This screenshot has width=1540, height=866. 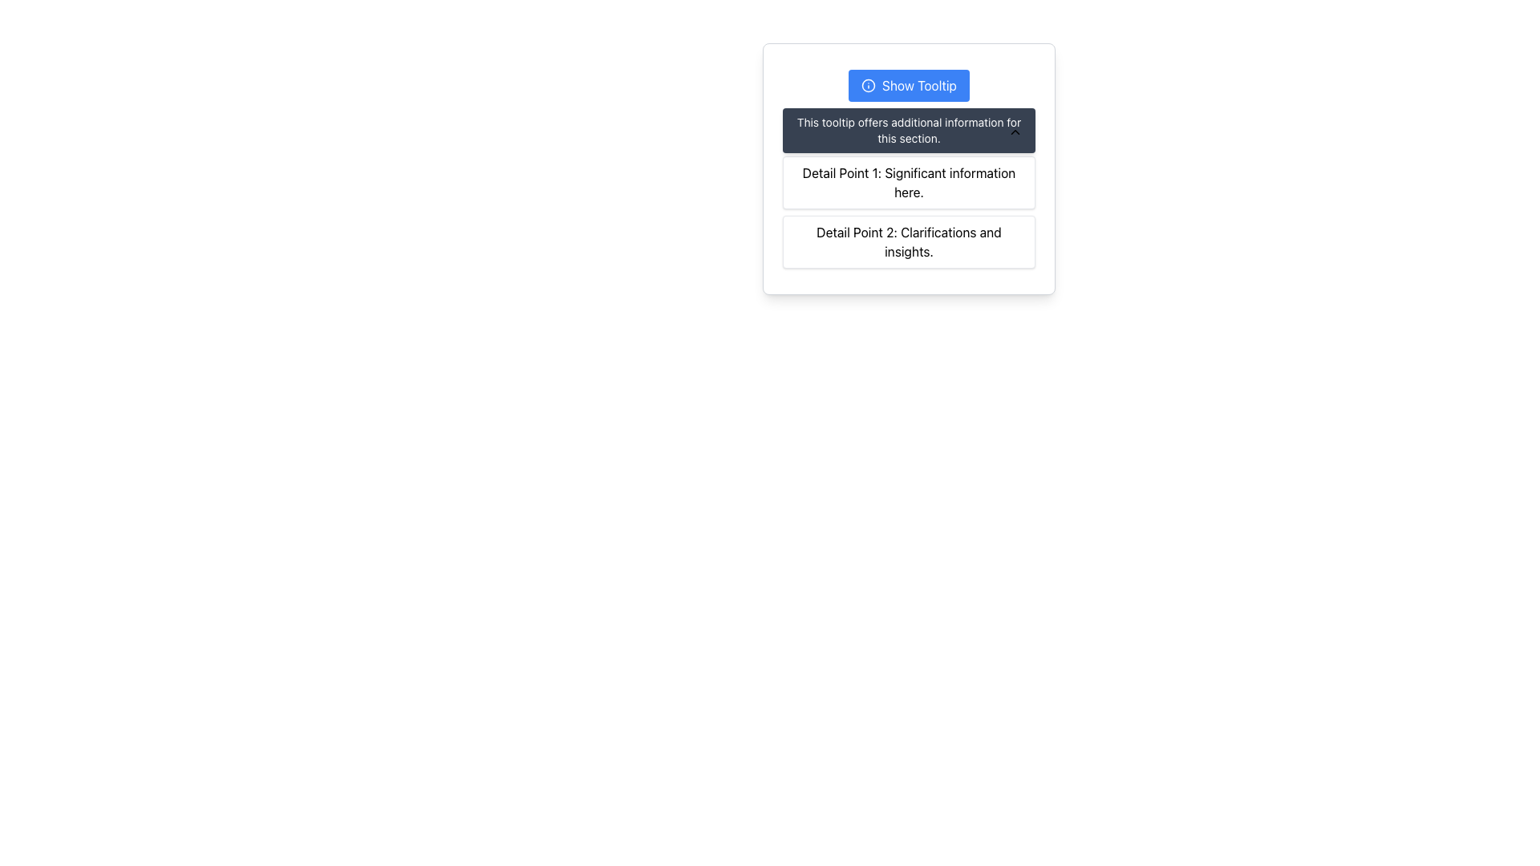 What do you see at coordinates (909, 86) in the screenshot?
I see `the 'Show Tooltip' button with a blue background` at bounding box center [909, 86].